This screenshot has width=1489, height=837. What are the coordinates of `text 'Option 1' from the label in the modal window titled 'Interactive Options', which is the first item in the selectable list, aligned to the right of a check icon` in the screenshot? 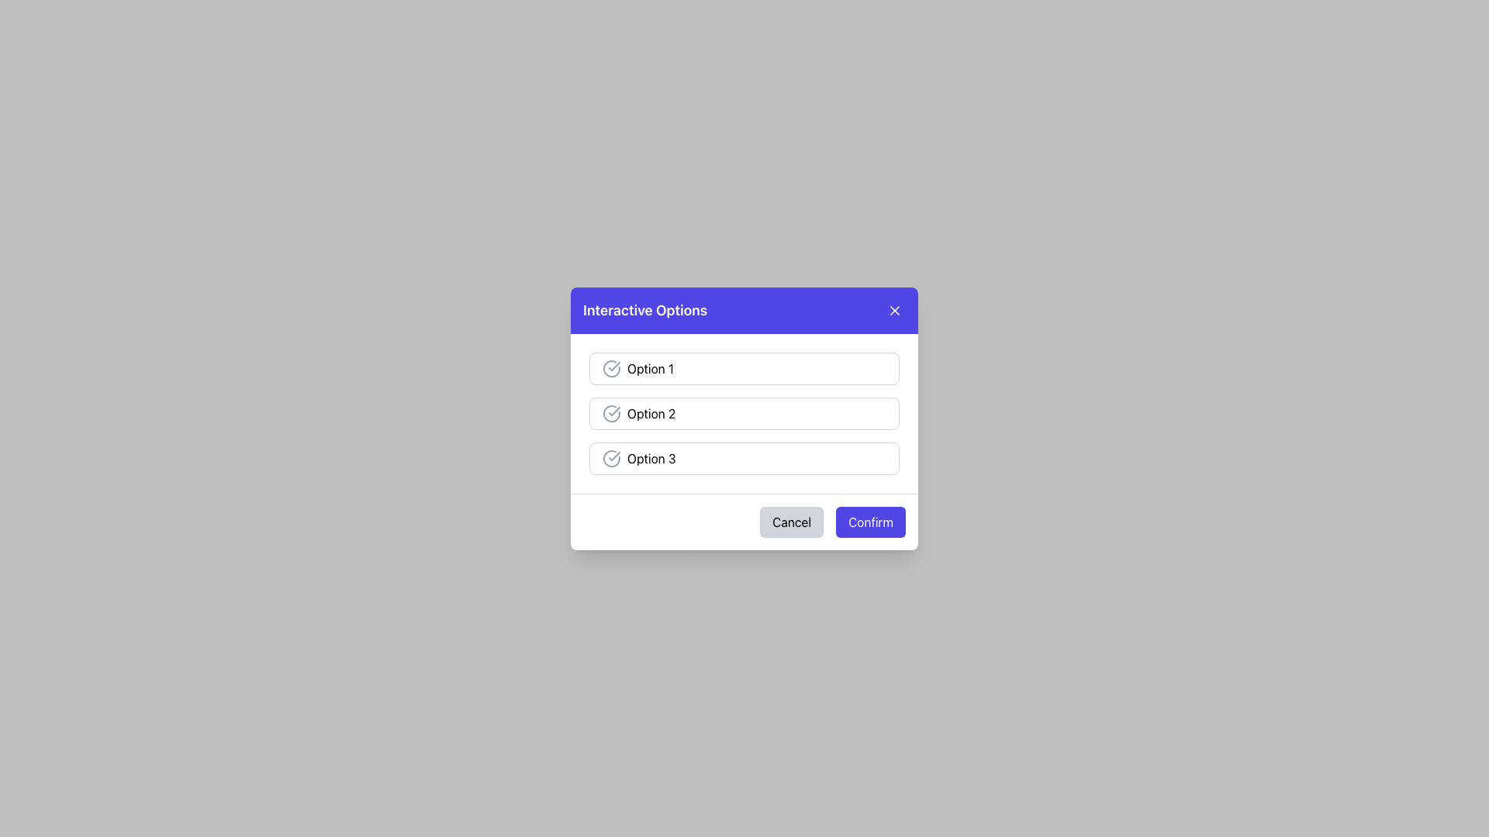 It's located at (651, 368).